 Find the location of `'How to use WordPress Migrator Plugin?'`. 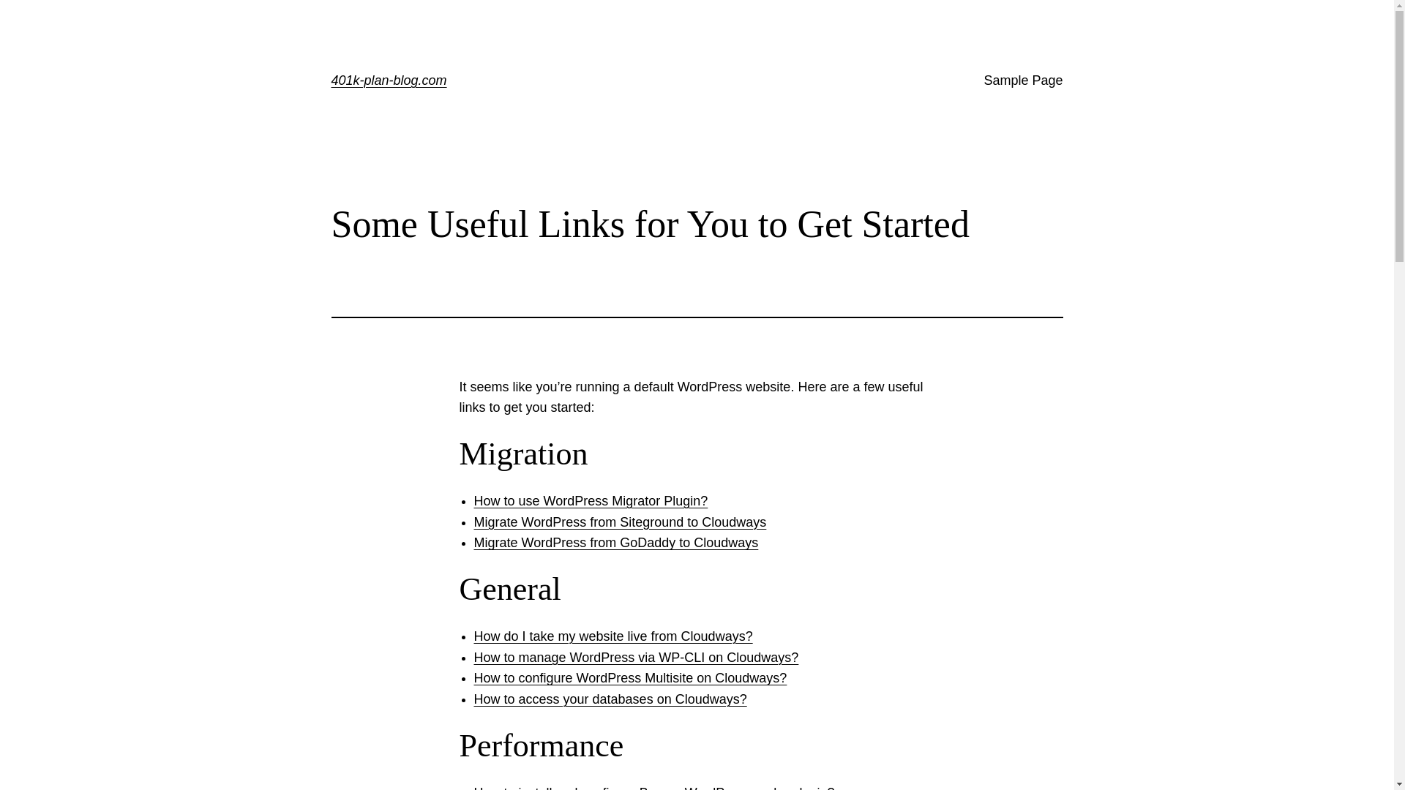

'How to use WordPress Migrator Plugin?' is located at coordinates (591, 500).